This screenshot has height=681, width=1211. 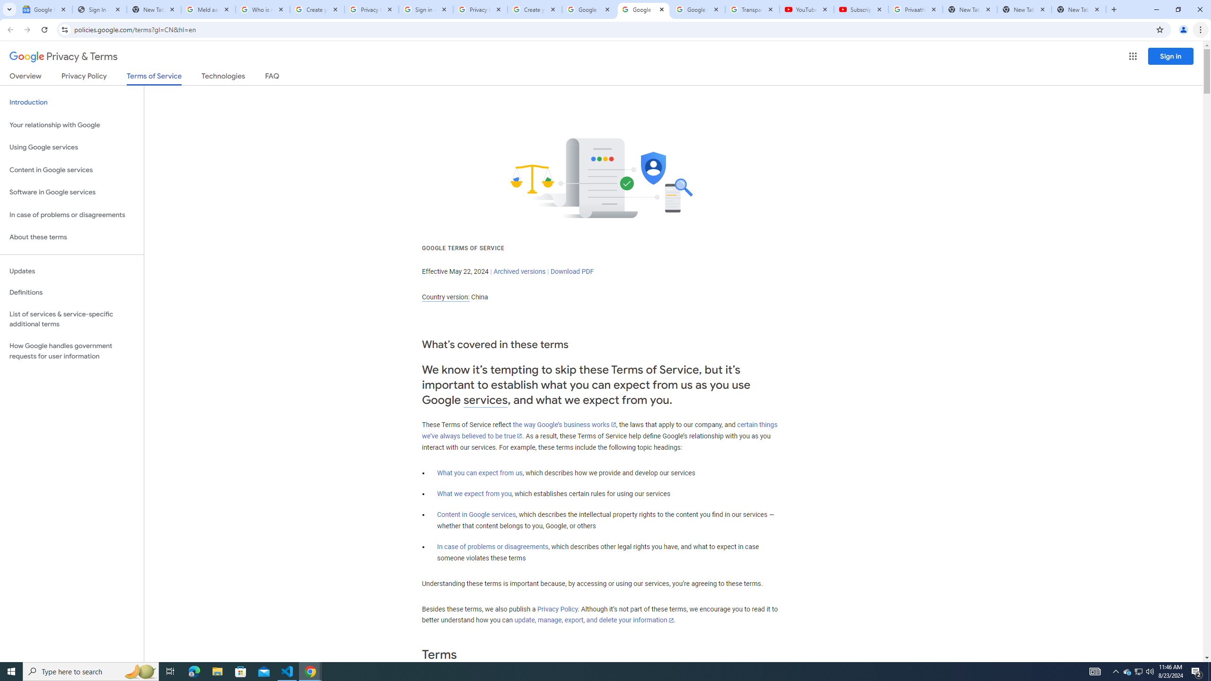 What do you see at coordinates (474, 493) in the screenshot?
I see `'What we expect from you'` at bounding box center [474, 493].